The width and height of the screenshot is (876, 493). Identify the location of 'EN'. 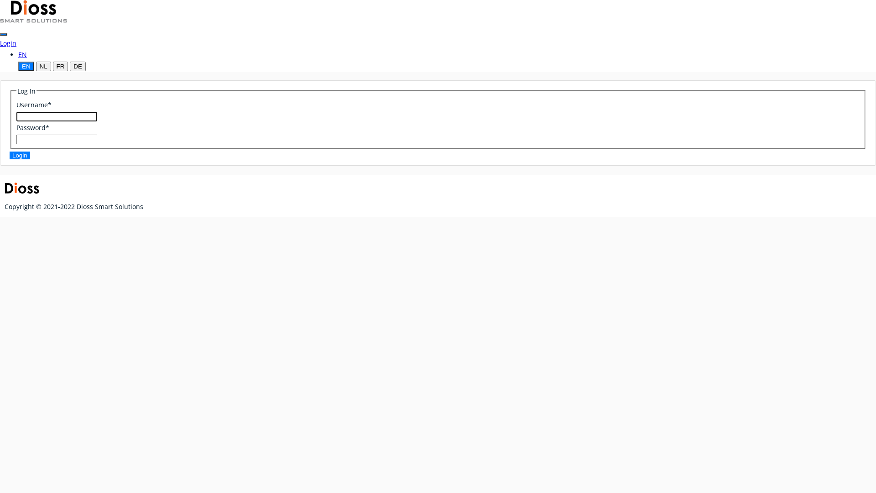
(22, 54).